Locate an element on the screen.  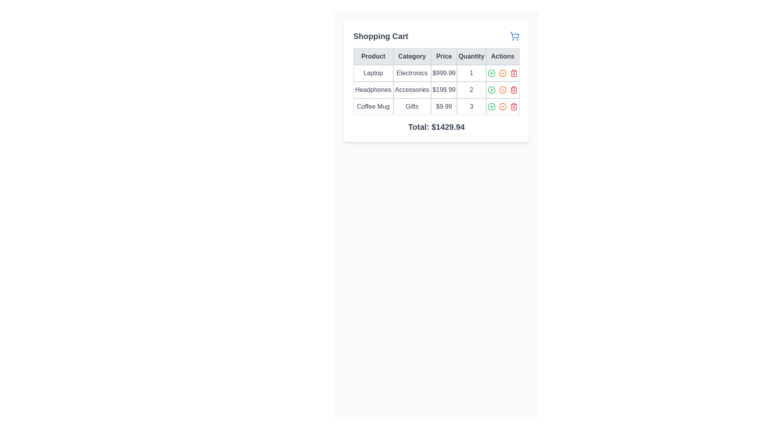
the Text Label representing the category of the product in the shopping cart table, specifically the second cell in the 'Category' column aligned with 'Headphones' on the left and '$199.99' on the right is located at coordinates (412, 90).